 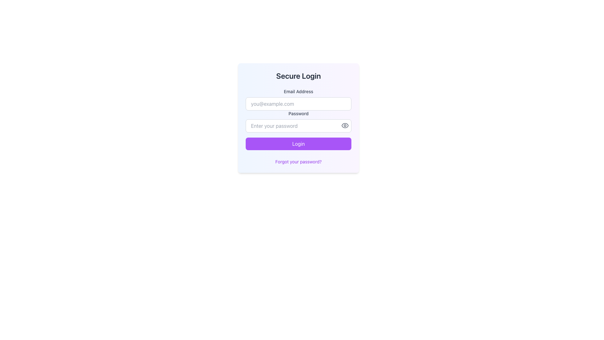 I want to click on the 'Login' button, which is a rectangular button with a purple background and rounded corners, located below the 'Password' input field, so click(x=298, y=144).